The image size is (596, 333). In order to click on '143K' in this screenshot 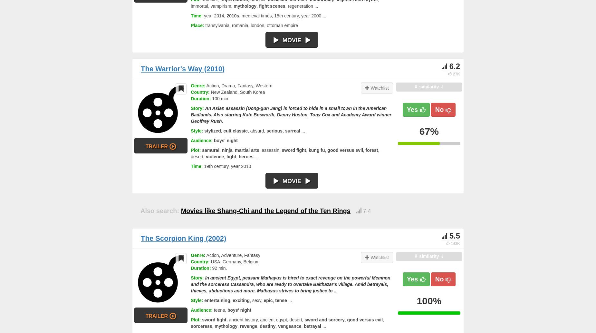, I will do `click(455, 243)`.